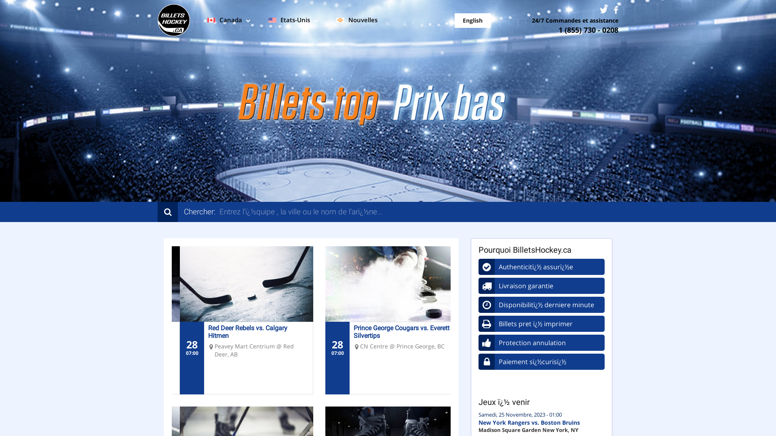  Describe the element at coordinates (529, 422) in the screenshot. I see `'New York Rangers vs. Boston Bruins'` at that location.